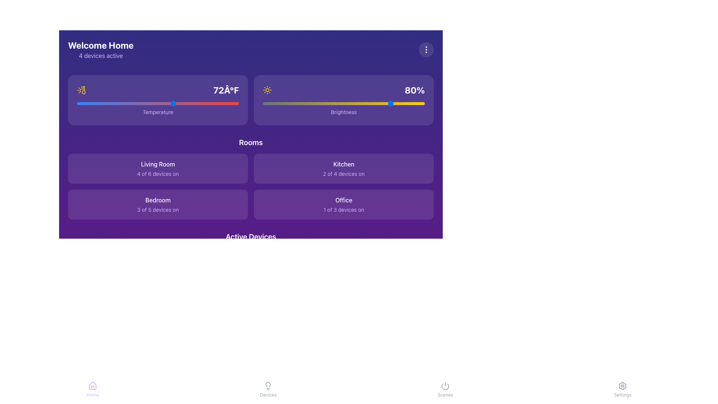 The height and width of the screenshot is (404, 718). What do you see at coordinates (157, 164) in the screenshot?
I see `the text label reading 'Living Room' which is styled in a medium-sized font with white text on a purple background, located in the upper-left of the Rooms section grid` at bounding box center [157, 164].